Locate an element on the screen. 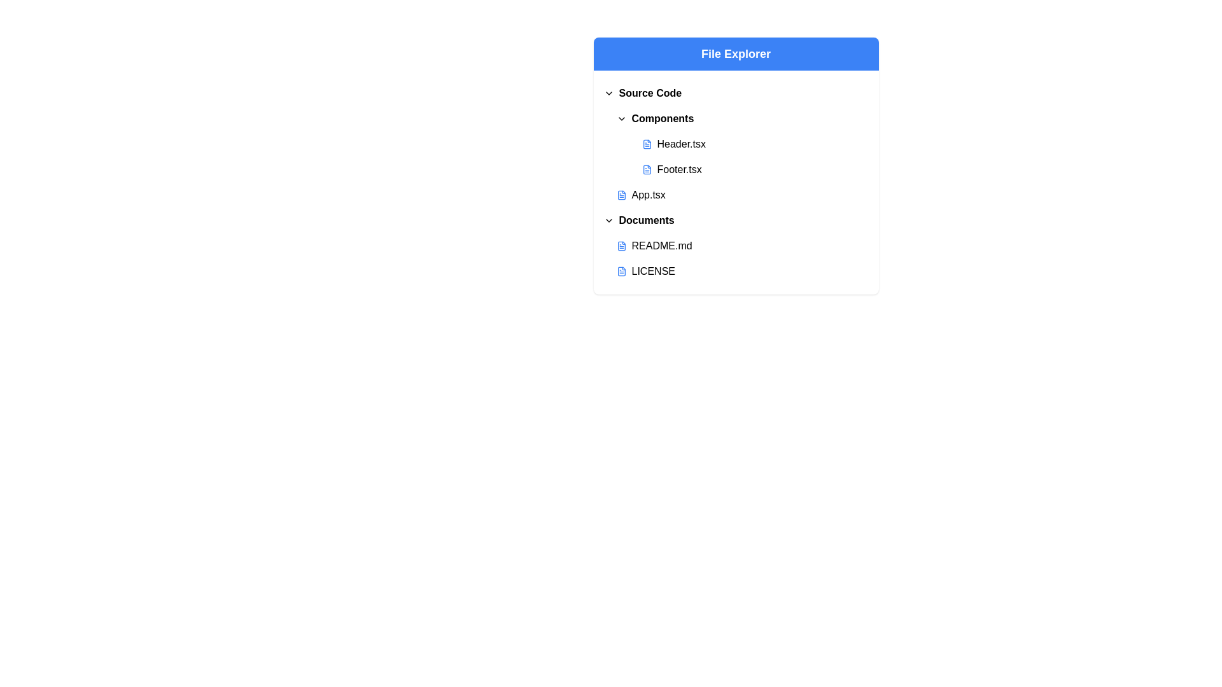  the Illustrational Icon, which is a simplistic file outline icon in blue, located in the file listing area under the 'File Explorer' section, adjacent to 'Header.tsx' is located at coordinates (647, 144).